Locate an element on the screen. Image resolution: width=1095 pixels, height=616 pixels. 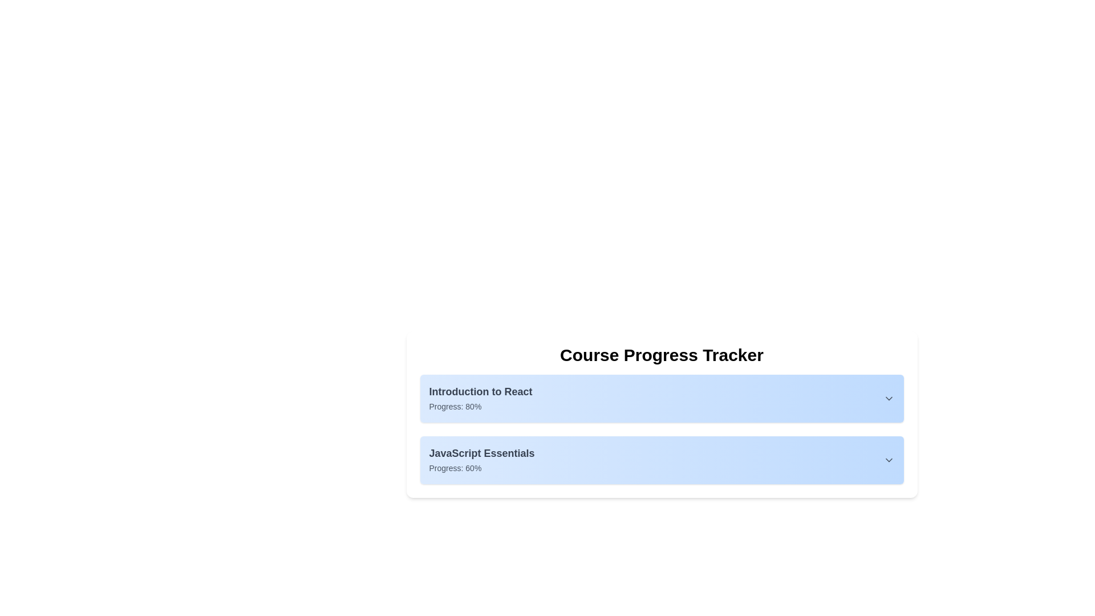
the text display element showing the course title 'Introduction to React' and its progress '80%' in the course progress tracker, located in the first row of the course list is located at coordinates (481, 398).